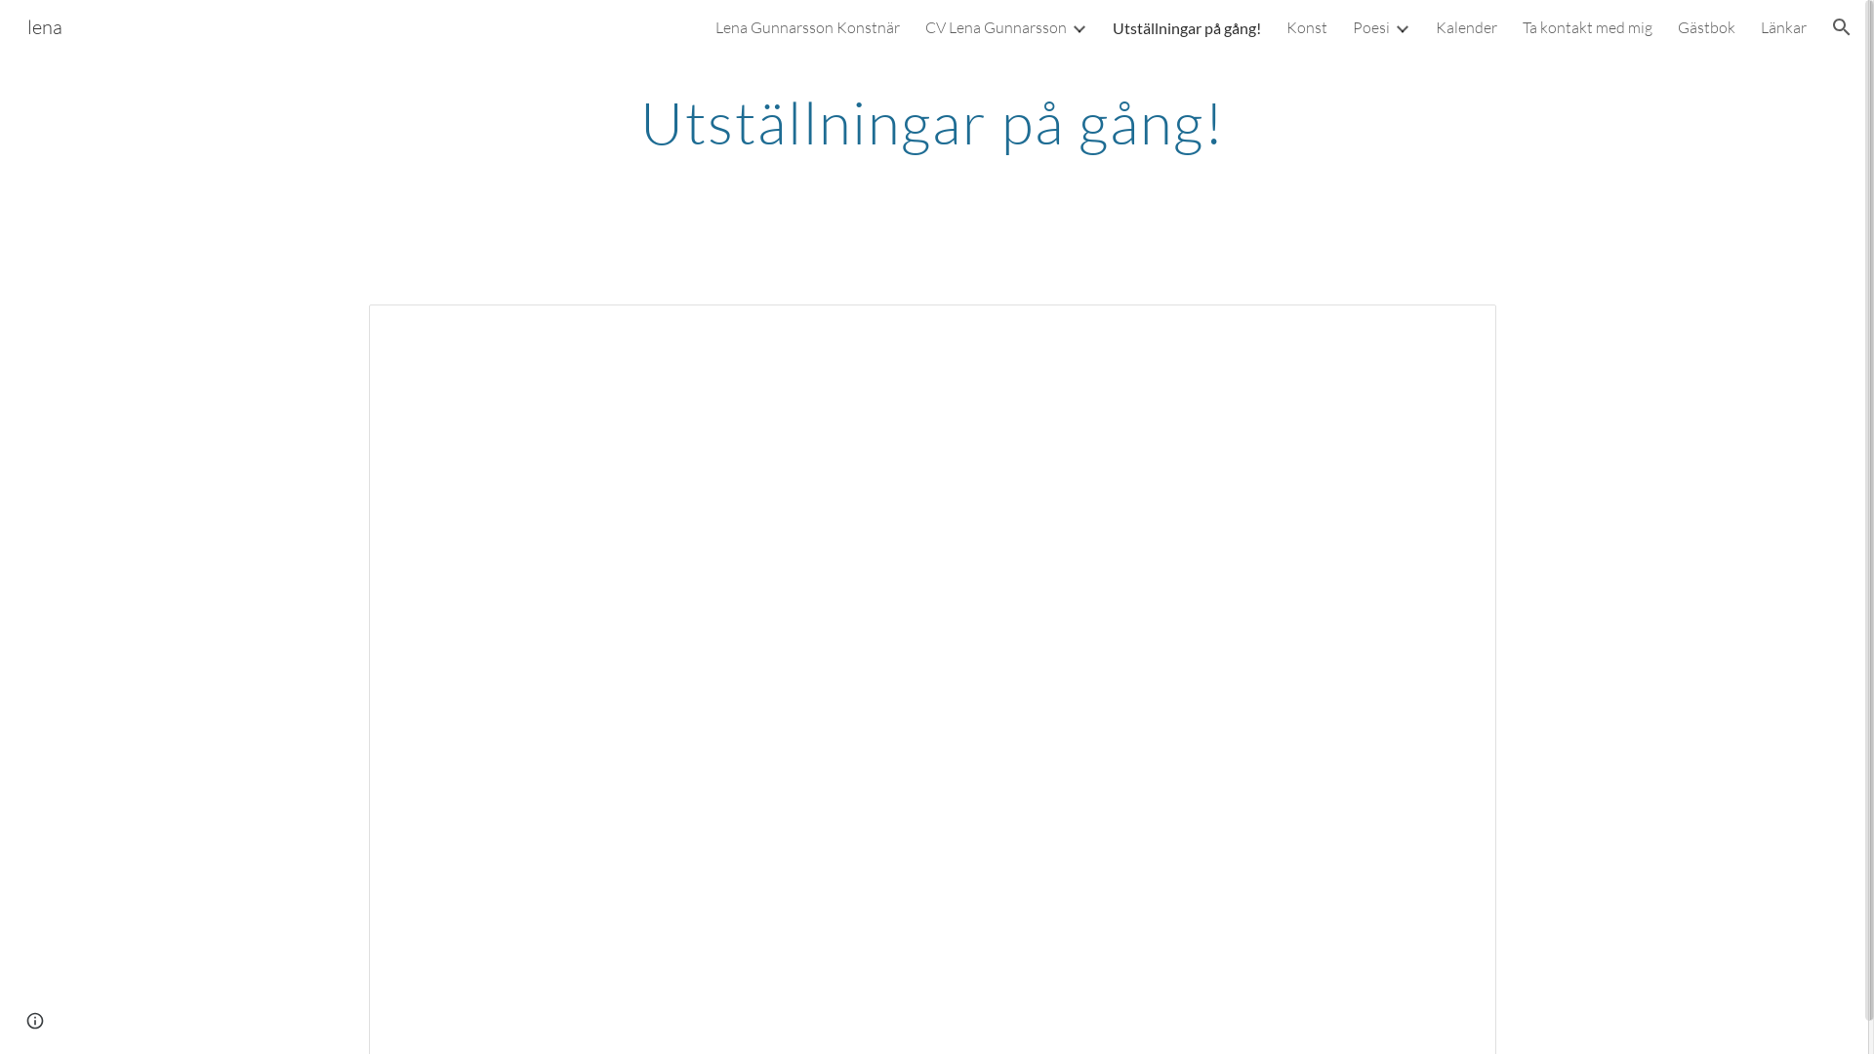  I want to click on 'Expand/Collapse', so click(1400, 26).